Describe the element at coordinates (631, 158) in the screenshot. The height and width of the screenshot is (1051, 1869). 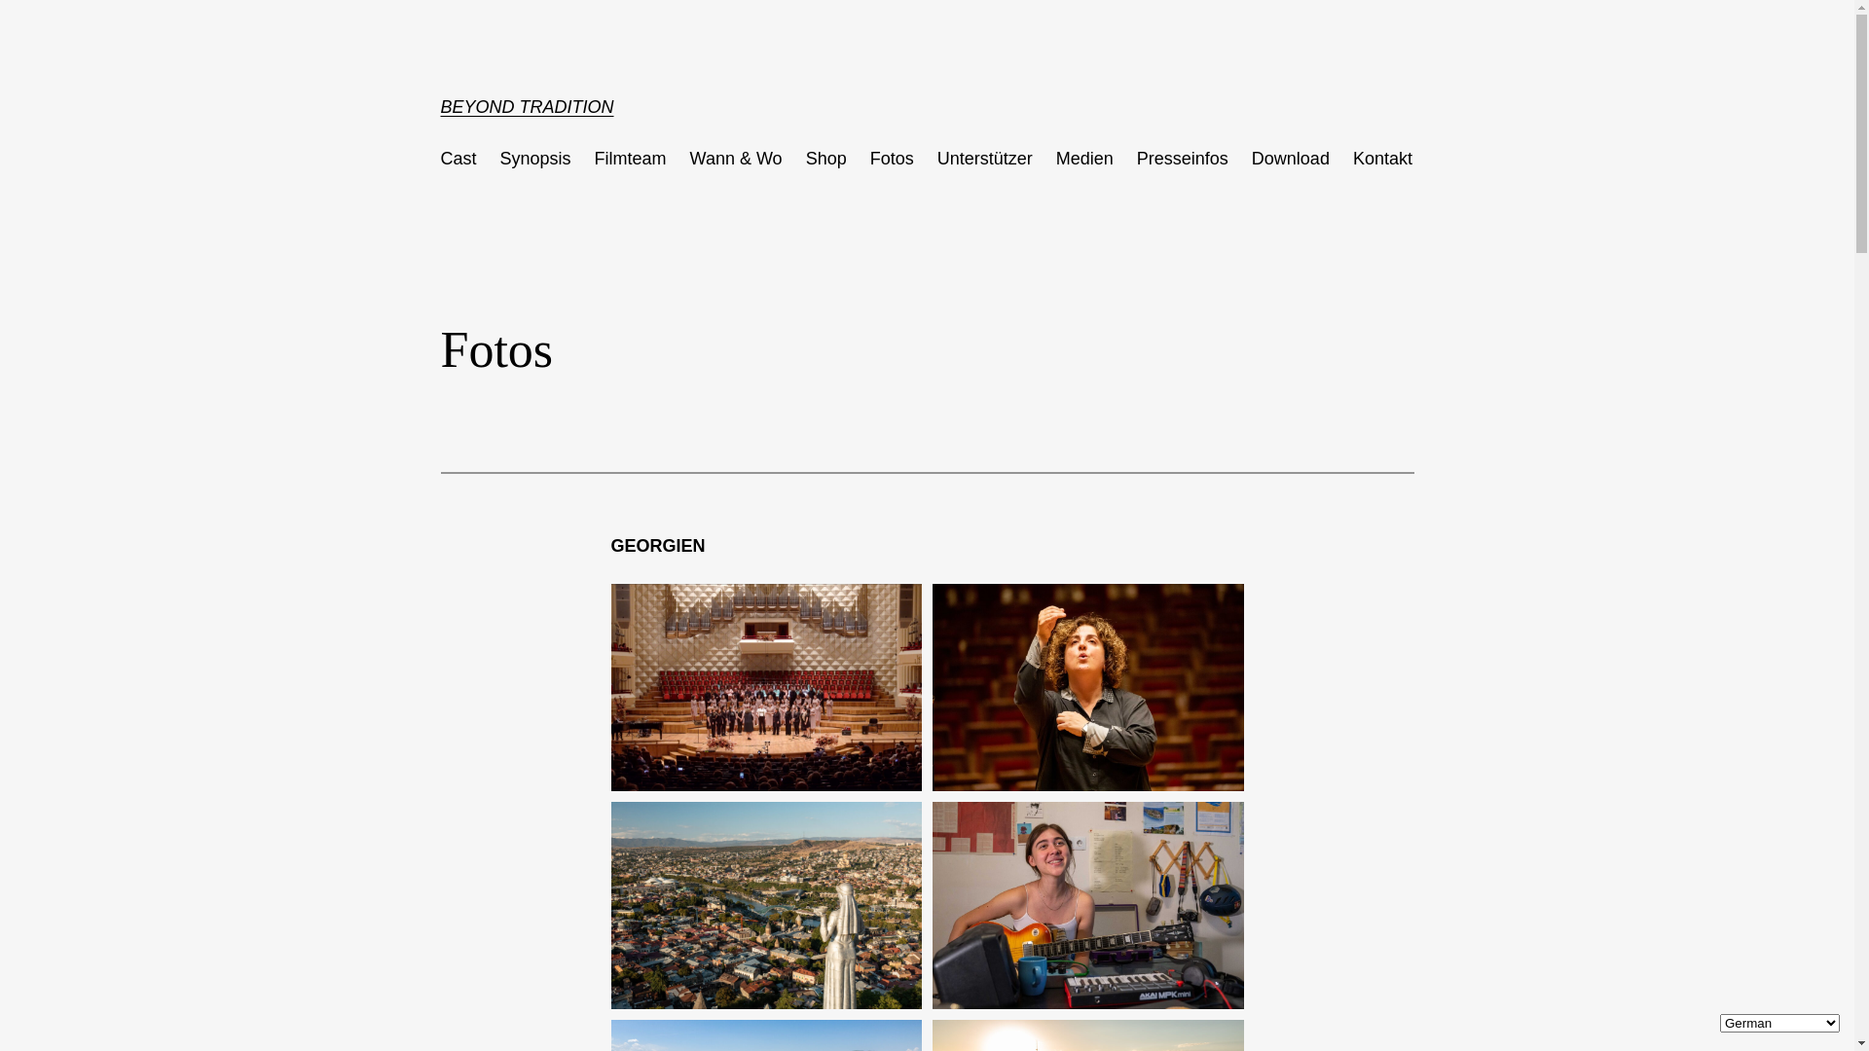
I see `'Filmteam'` at that location.